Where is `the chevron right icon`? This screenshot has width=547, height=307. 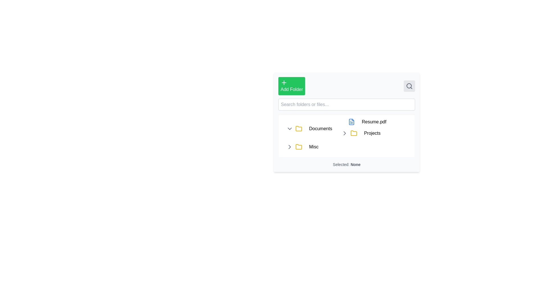
the chevron right icon is located at coordinates (344, 133).